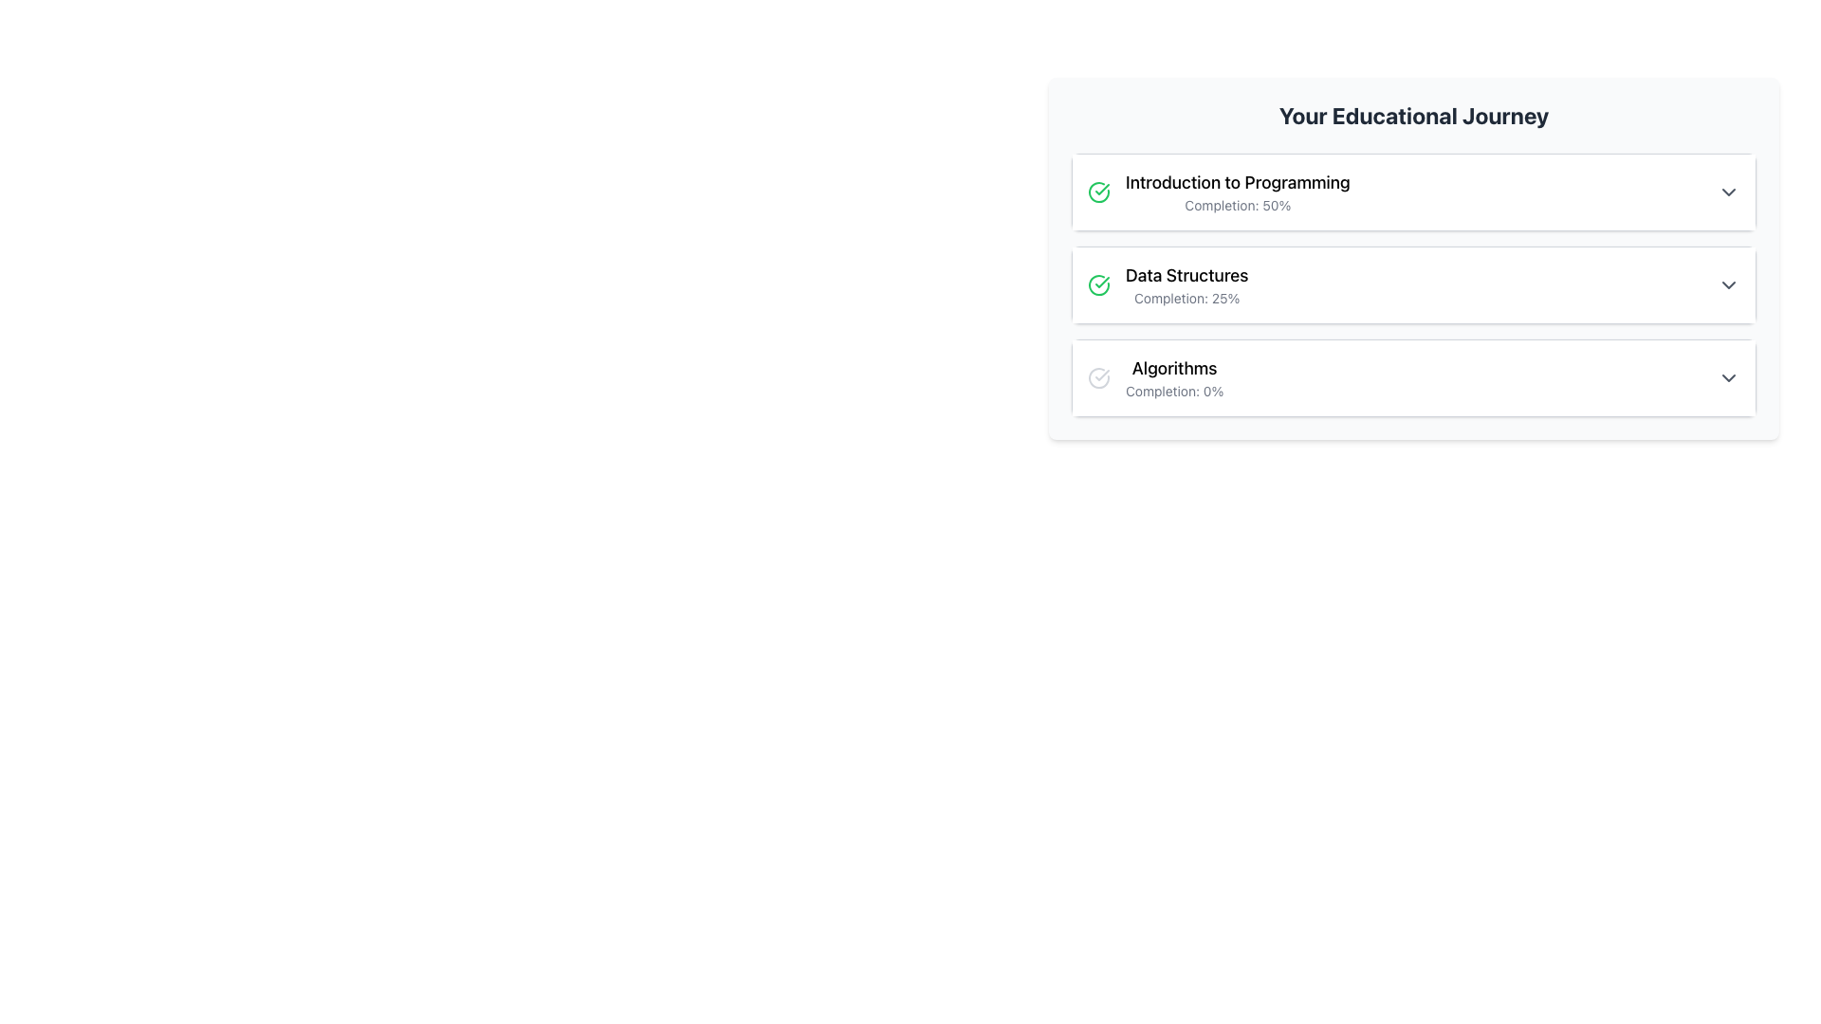 This screenshot has height=1024, width=1821. Describe the element at coordinates (1729, 284) in the screenshot. I see `the Chevron Down icon` at that location.